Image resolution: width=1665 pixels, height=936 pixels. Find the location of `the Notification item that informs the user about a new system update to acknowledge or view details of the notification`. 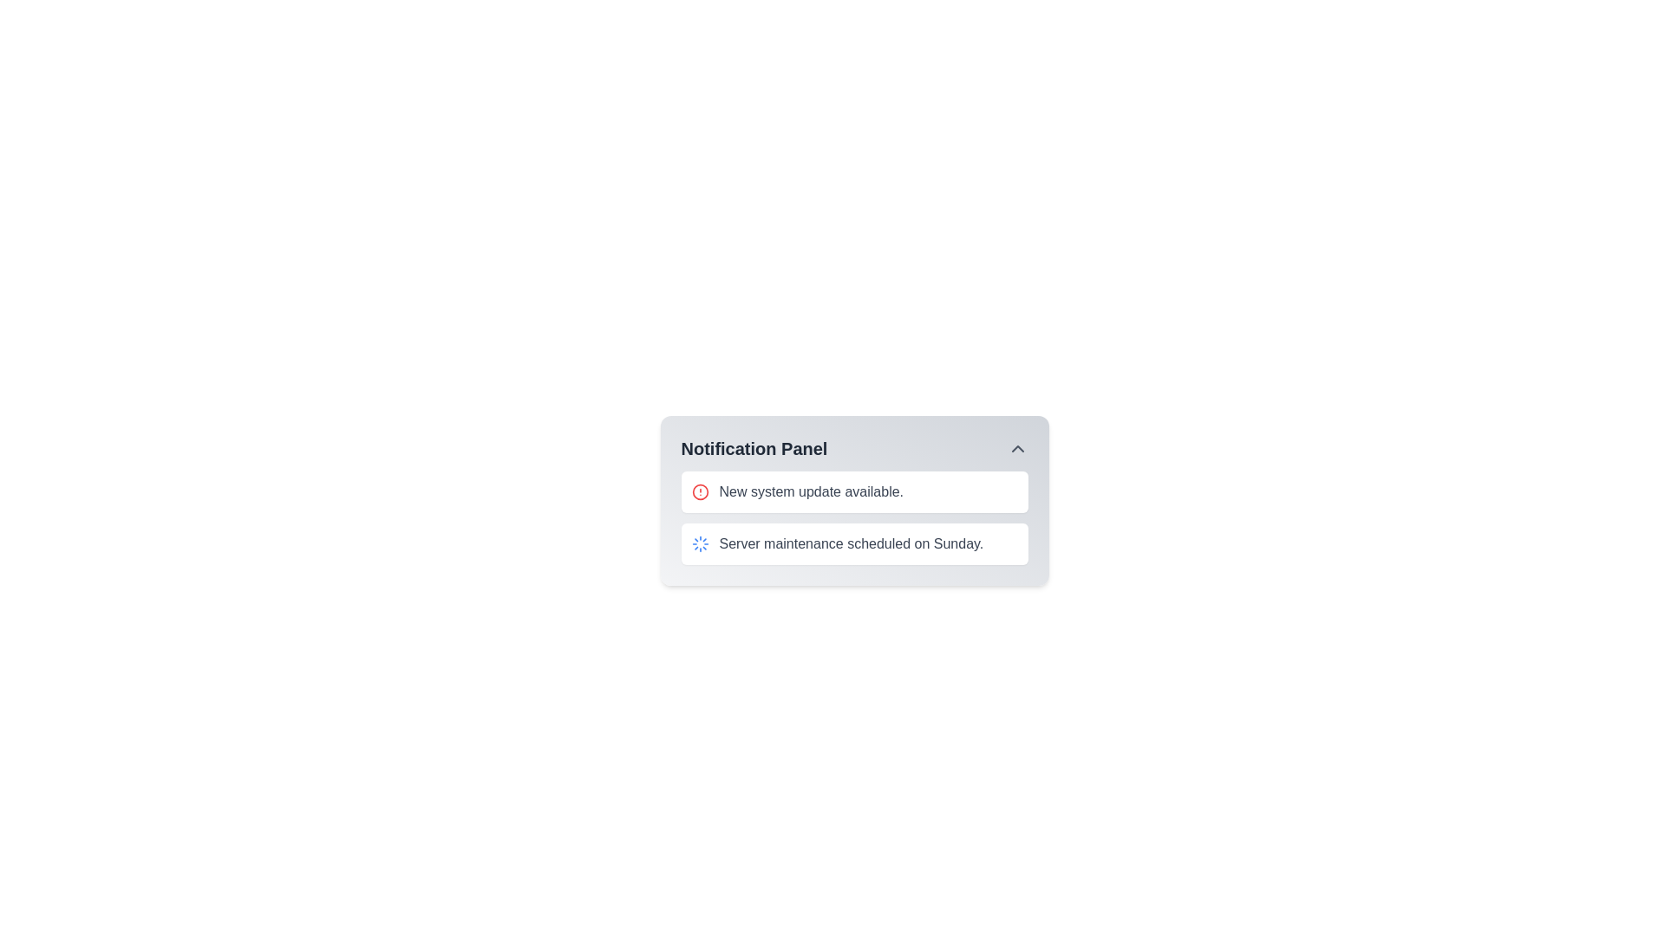

the Notification item that informs the user about a new system update to acknowledge or view details of the notification is located at coordinates (854, 491).